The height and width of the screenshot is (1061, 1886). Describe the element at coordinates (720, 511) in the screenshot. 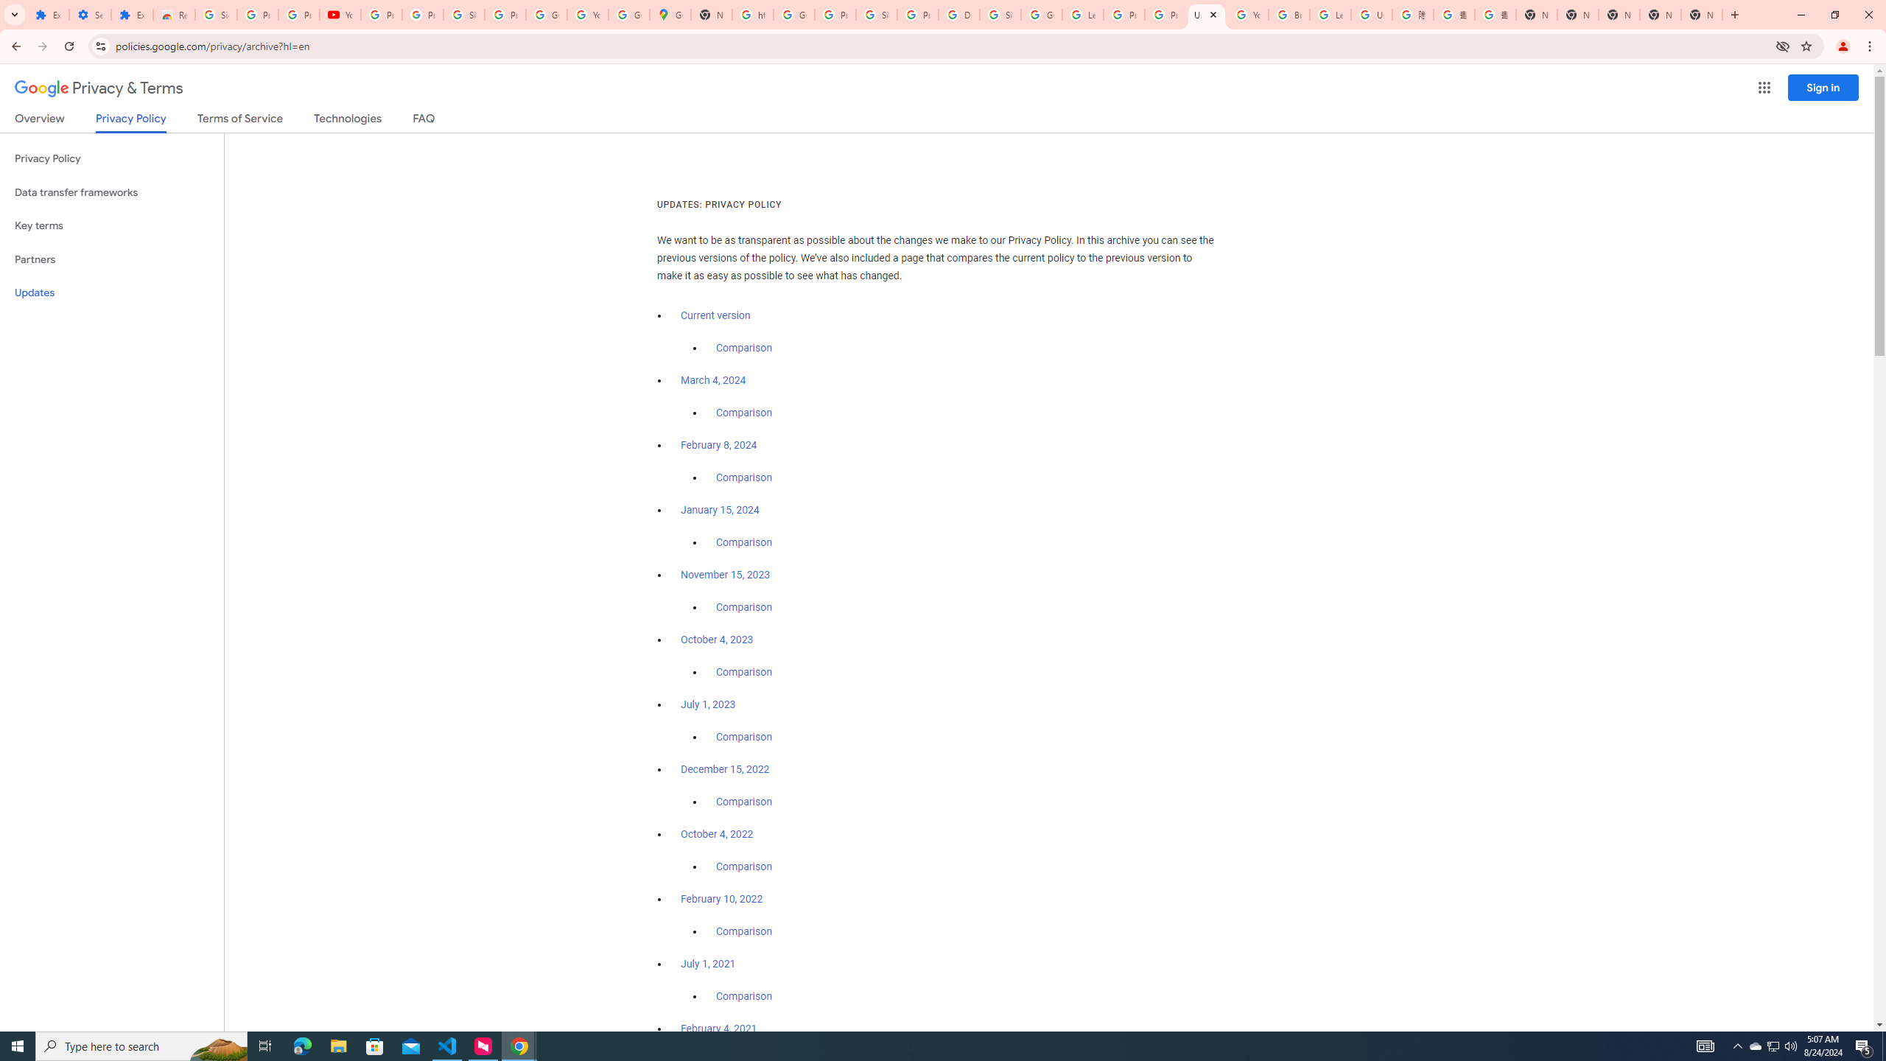

I see `'January 15, 2024'` at that location.